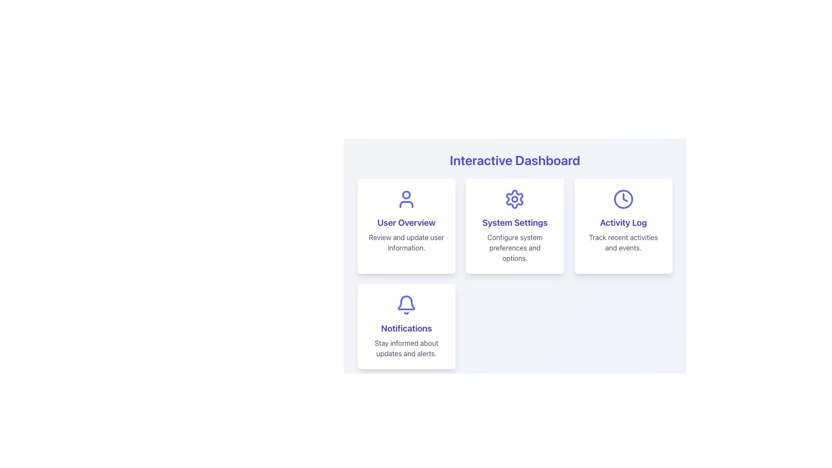 This screenshot has width=832, height=468. What do you see at coordinates (406, 225) in the screenshot?
I see `the navigation card for accessing the 'User Overview' section` at bounding box center [406, 225].